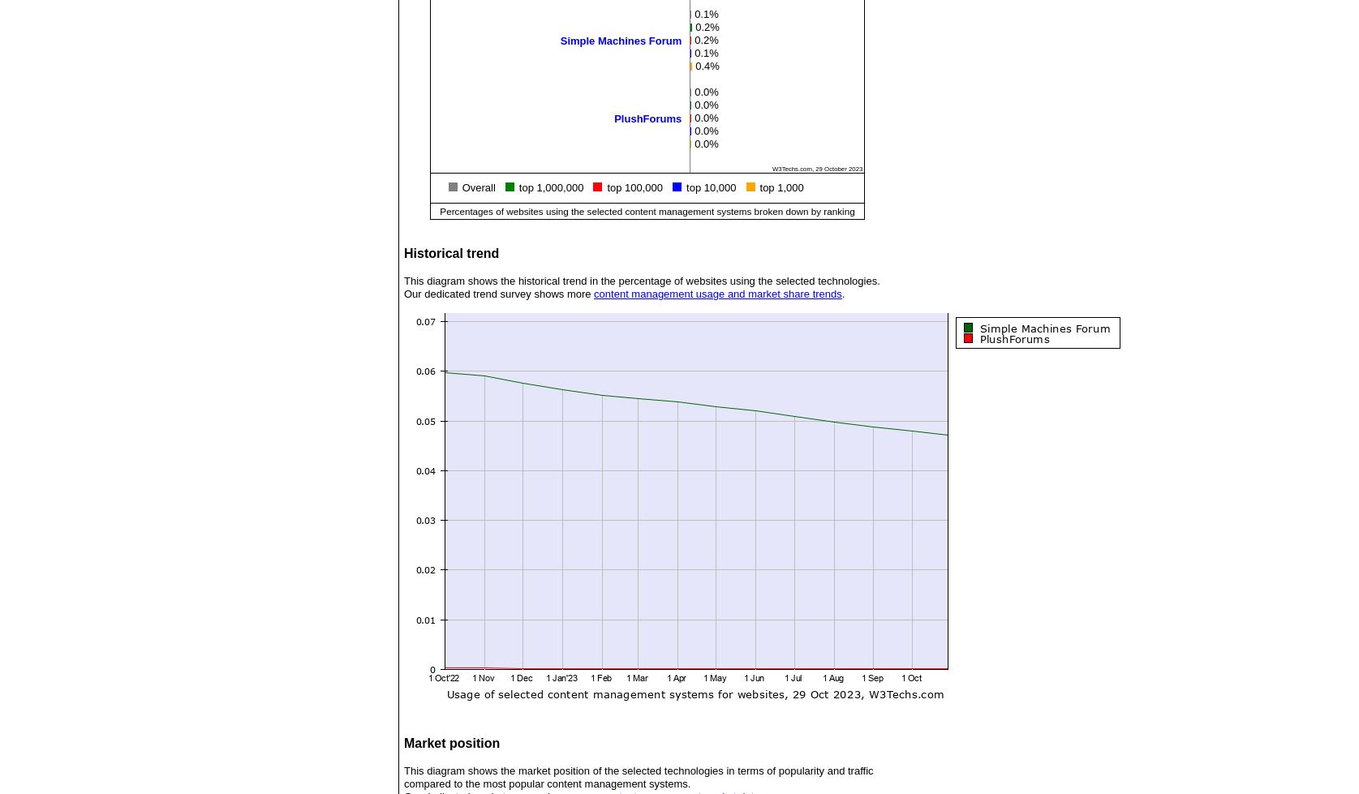 The image size is (1359, 794). What do you see at coordinates (450, 253) in the screenshot?
I see `'Historical trend'` at bounding box center [450, 253].